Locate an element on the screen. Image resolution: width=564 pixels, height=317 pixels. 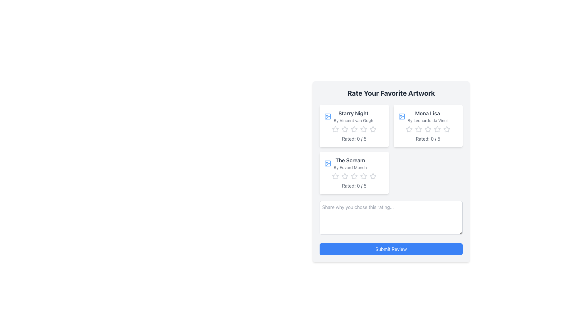
the second star-shaped rating icon in light gray below the 'Mona Lisa' artwork card to set the rating is located at coordinates (418, 129).